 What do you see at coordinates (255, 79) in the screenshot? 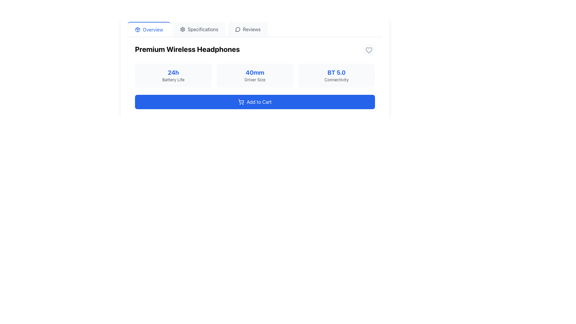
I see `the descriptive text label located in the lower section of the middle card, which indicates the measurement of the driver size for the product, situated beneath the bold '40mm' text` at bounding box center [255, 79].